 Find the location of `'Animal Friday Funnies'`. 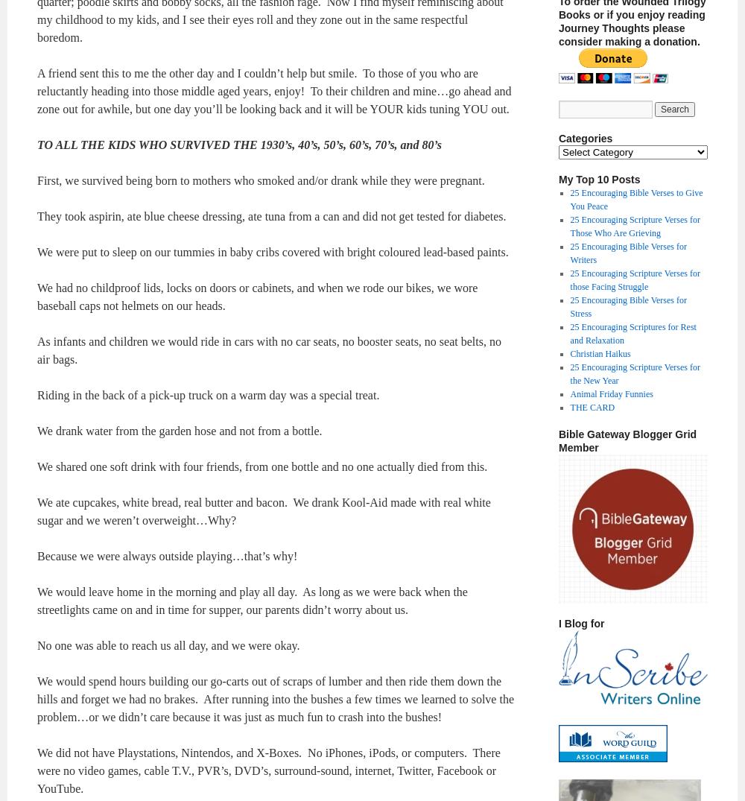

'Animal Friday Funnies' is located at coordinates (610, 393).